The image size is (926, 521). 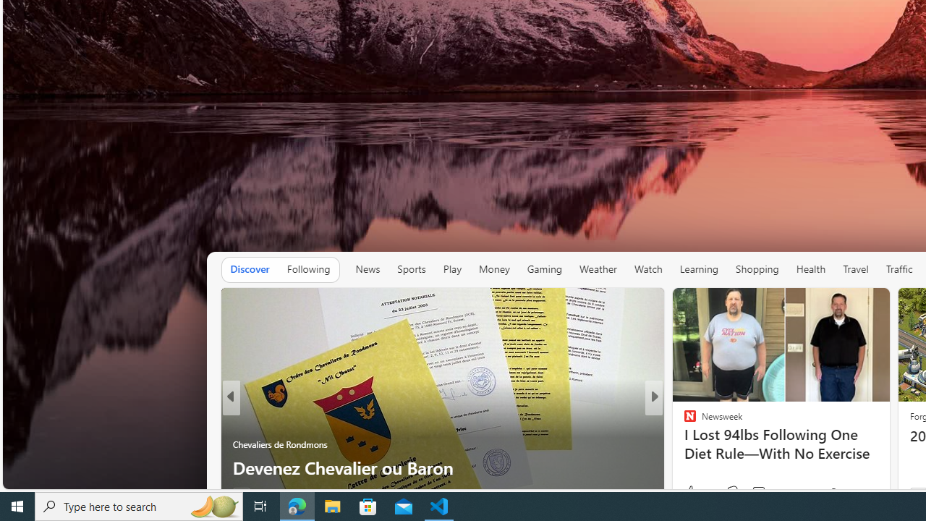 What do you see at coordinates (693, 492) in the screenshot?
I see `'108 Like'` at bounding box center [693, 492].